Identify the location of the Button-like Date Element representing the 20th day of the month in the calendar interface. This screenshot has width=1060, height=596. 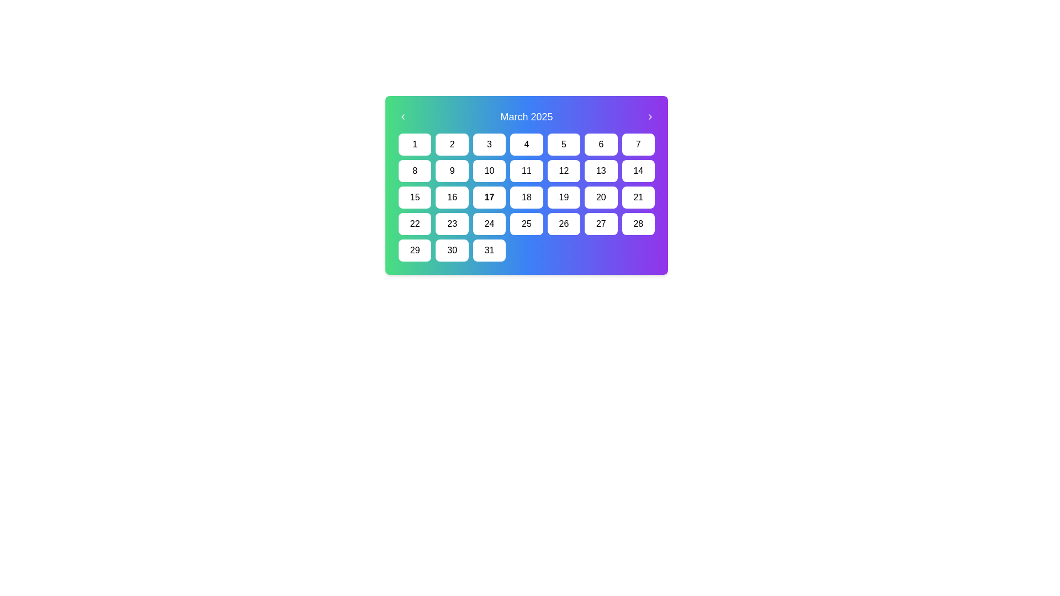
(600, 197).